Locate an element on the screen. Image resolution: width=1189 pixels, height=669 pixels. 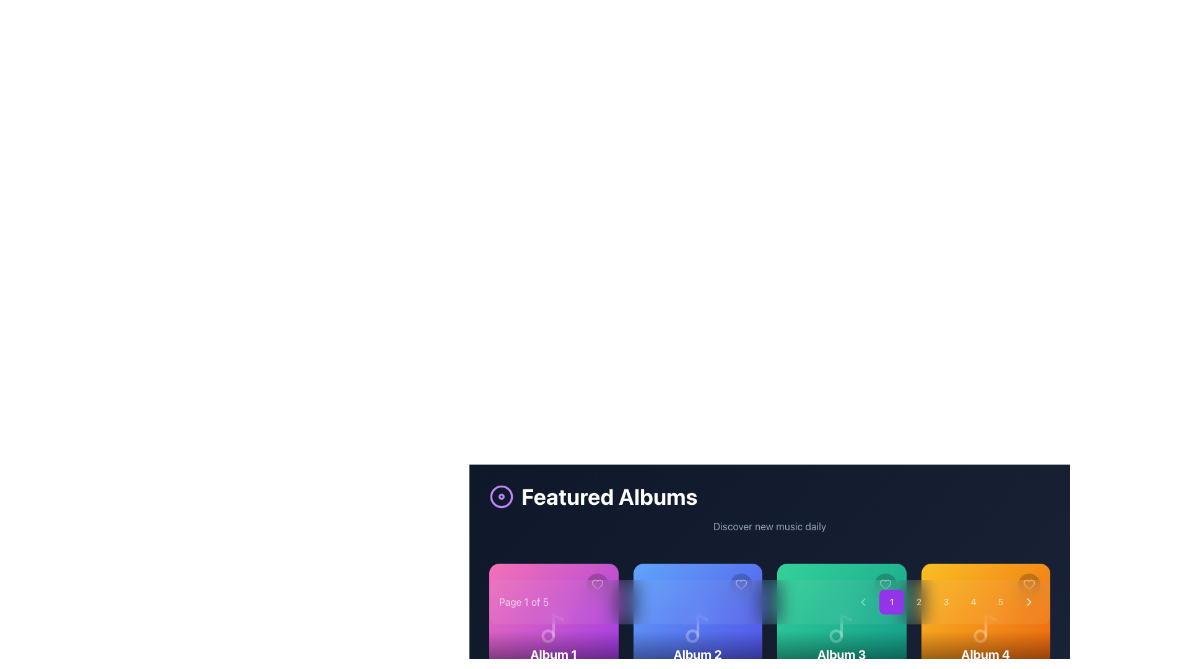
the heart-shaped icon button for favoriting located in the top-right corner of the orange-colored album card labeled 'Album 4' is located at coordinates (1029, 585).